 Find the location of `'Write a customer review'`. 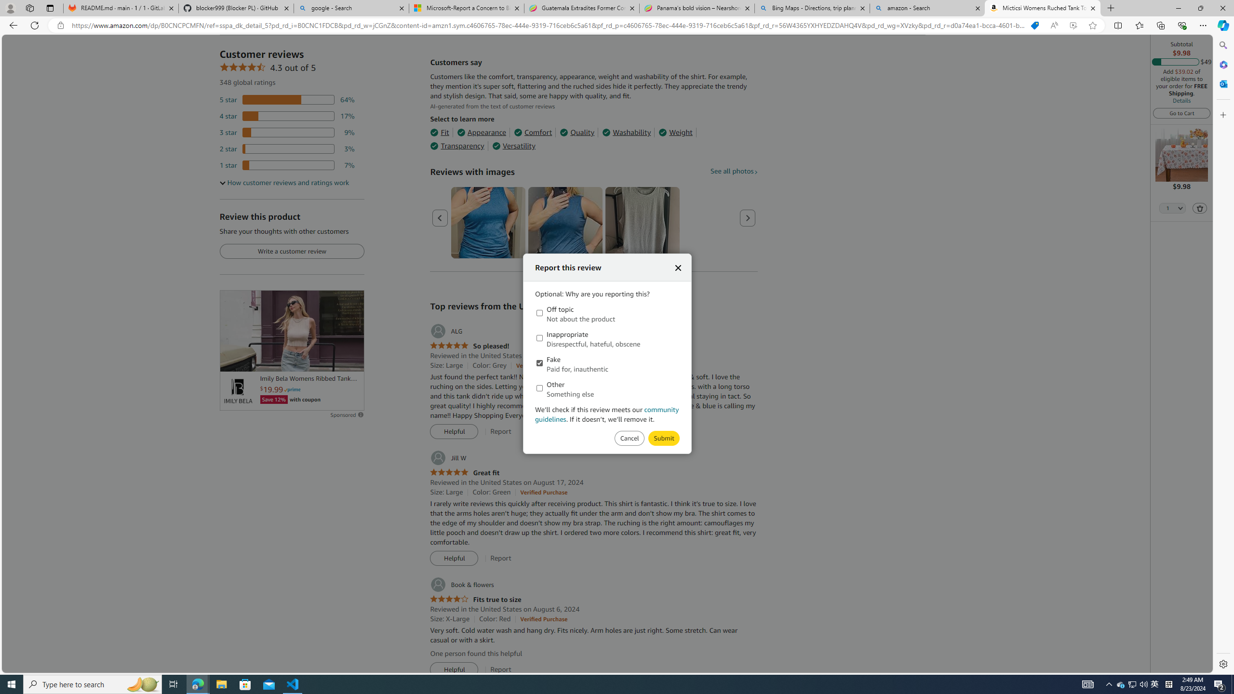

'Write a customer review' is located at coordinates (291, 251).